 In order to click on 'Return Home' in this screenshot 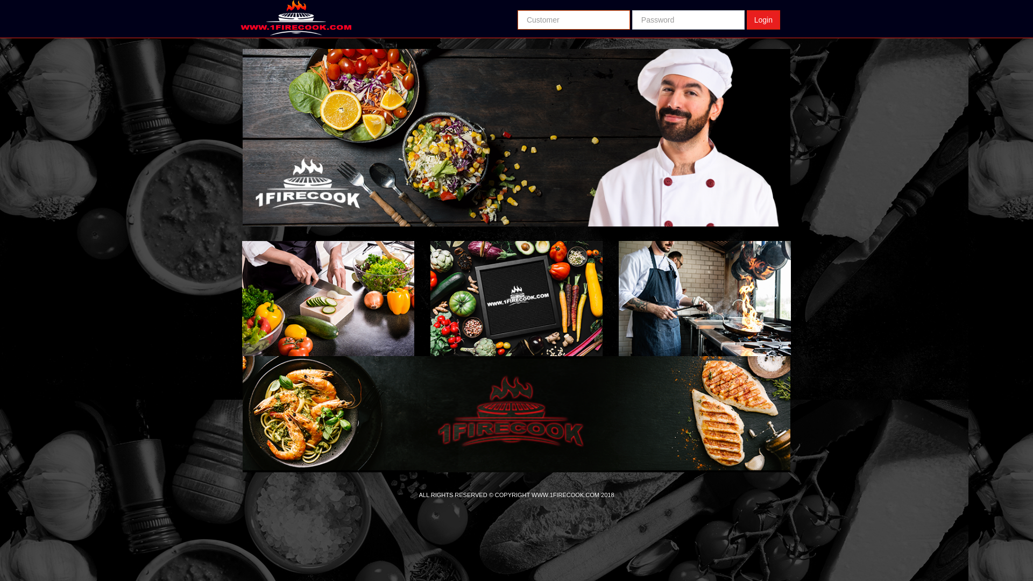, I will do `click(242, 18)`.